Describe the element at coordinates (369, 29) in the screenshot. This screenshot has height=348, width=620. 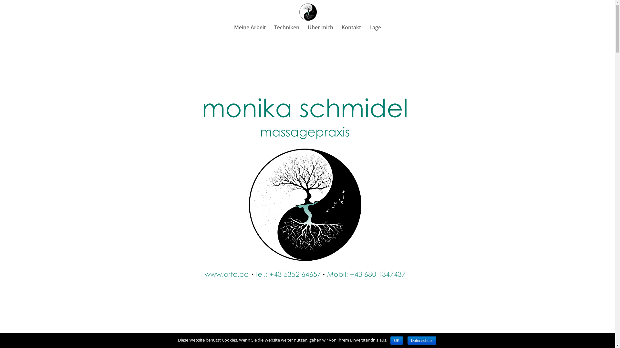
I see `'Lage'` at that location.